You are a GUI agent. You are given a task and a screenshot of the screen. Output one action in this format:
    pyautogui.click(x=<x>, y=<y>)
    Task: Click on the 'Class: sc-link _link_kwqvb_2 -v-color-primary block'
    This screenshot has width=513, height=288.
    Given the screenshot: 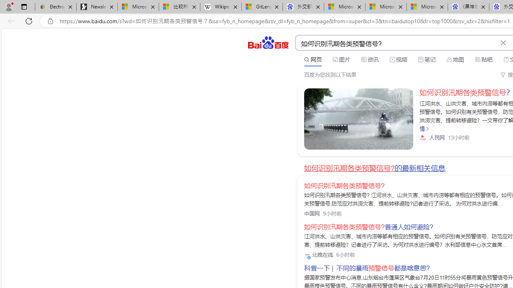 What is the action you would take?
    pyautogui.click(x=358, y=119)
    